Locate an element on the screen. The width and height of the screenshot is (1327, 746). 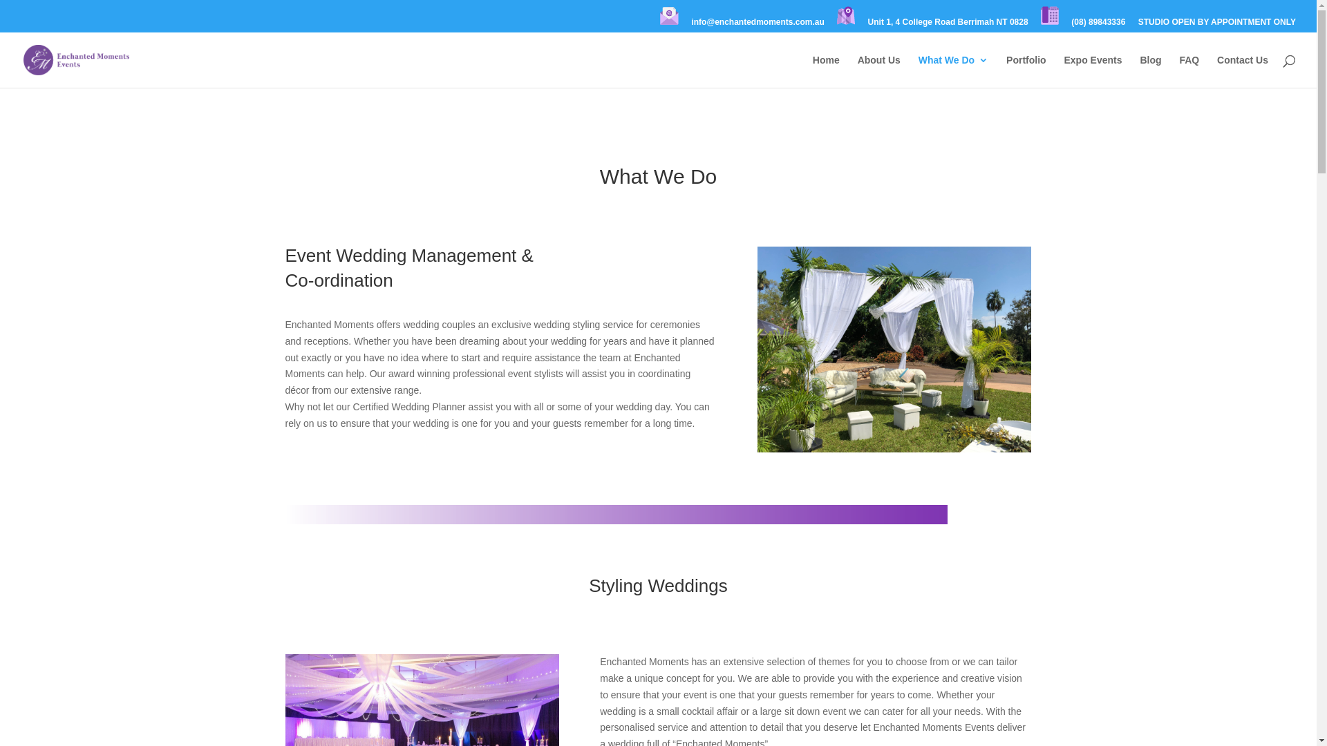
'Expo Events' is located at coordinates (1064, 71).